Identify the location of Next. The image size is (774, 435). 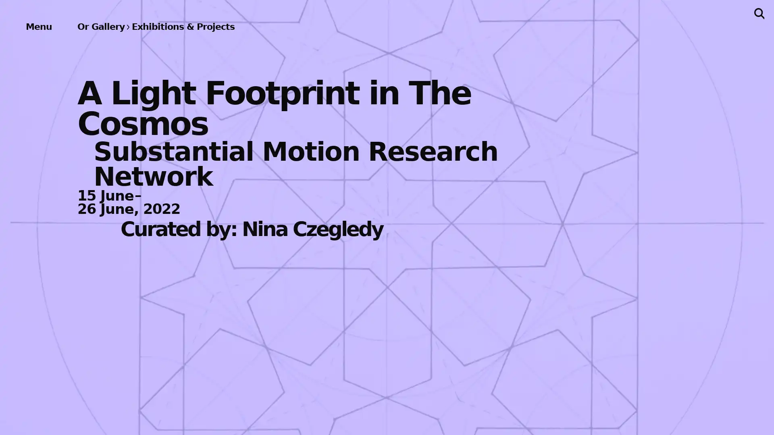
(542, 217).